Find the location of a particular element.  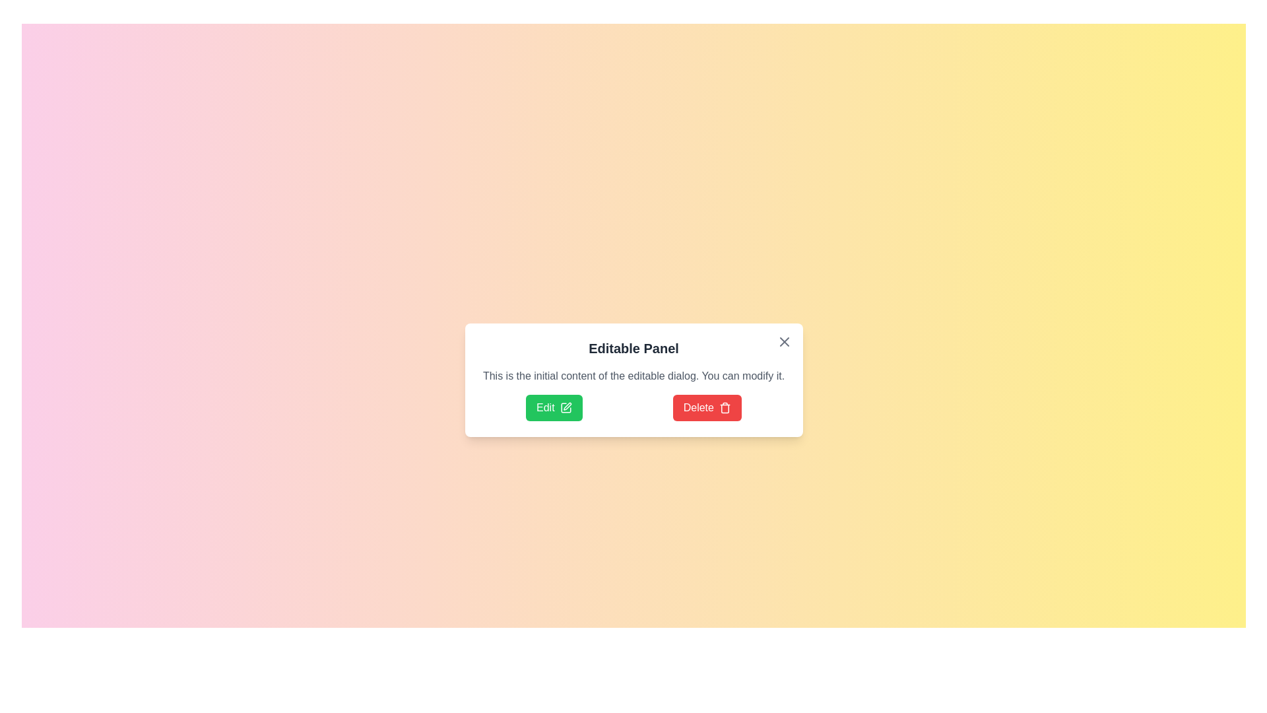

the text content of the editable dialog for copying is located at coordinates (480, 368).